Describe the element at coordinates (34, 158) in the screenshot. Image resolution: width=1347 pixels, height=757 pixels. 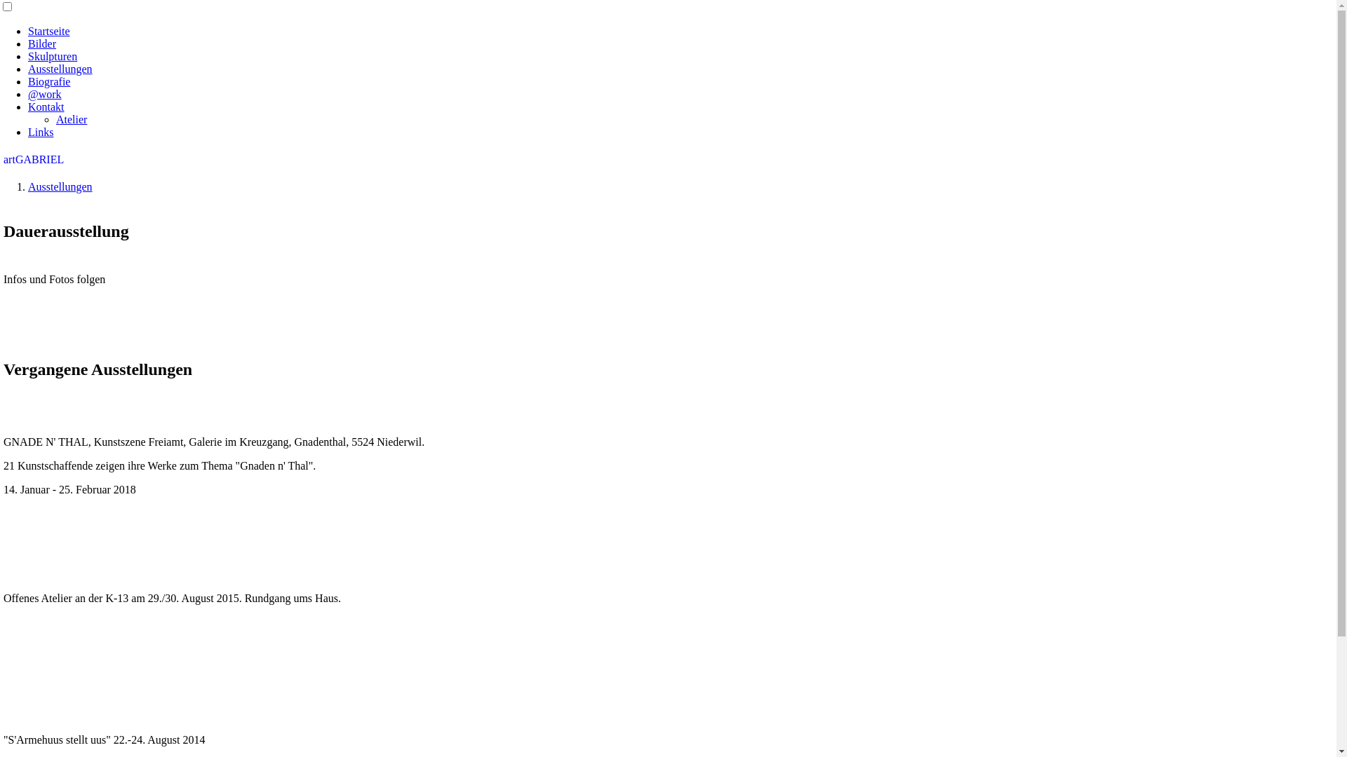
I see `'artGABRIEL'` at that location.